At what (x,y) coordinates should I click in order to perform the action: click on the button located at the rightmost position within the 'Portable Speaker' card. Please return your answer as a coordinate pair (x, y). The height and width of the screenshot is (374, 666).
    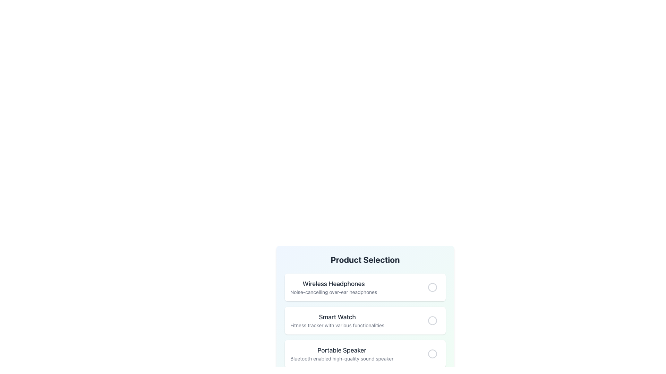
    Looking at the image, I should click on (432, 354).